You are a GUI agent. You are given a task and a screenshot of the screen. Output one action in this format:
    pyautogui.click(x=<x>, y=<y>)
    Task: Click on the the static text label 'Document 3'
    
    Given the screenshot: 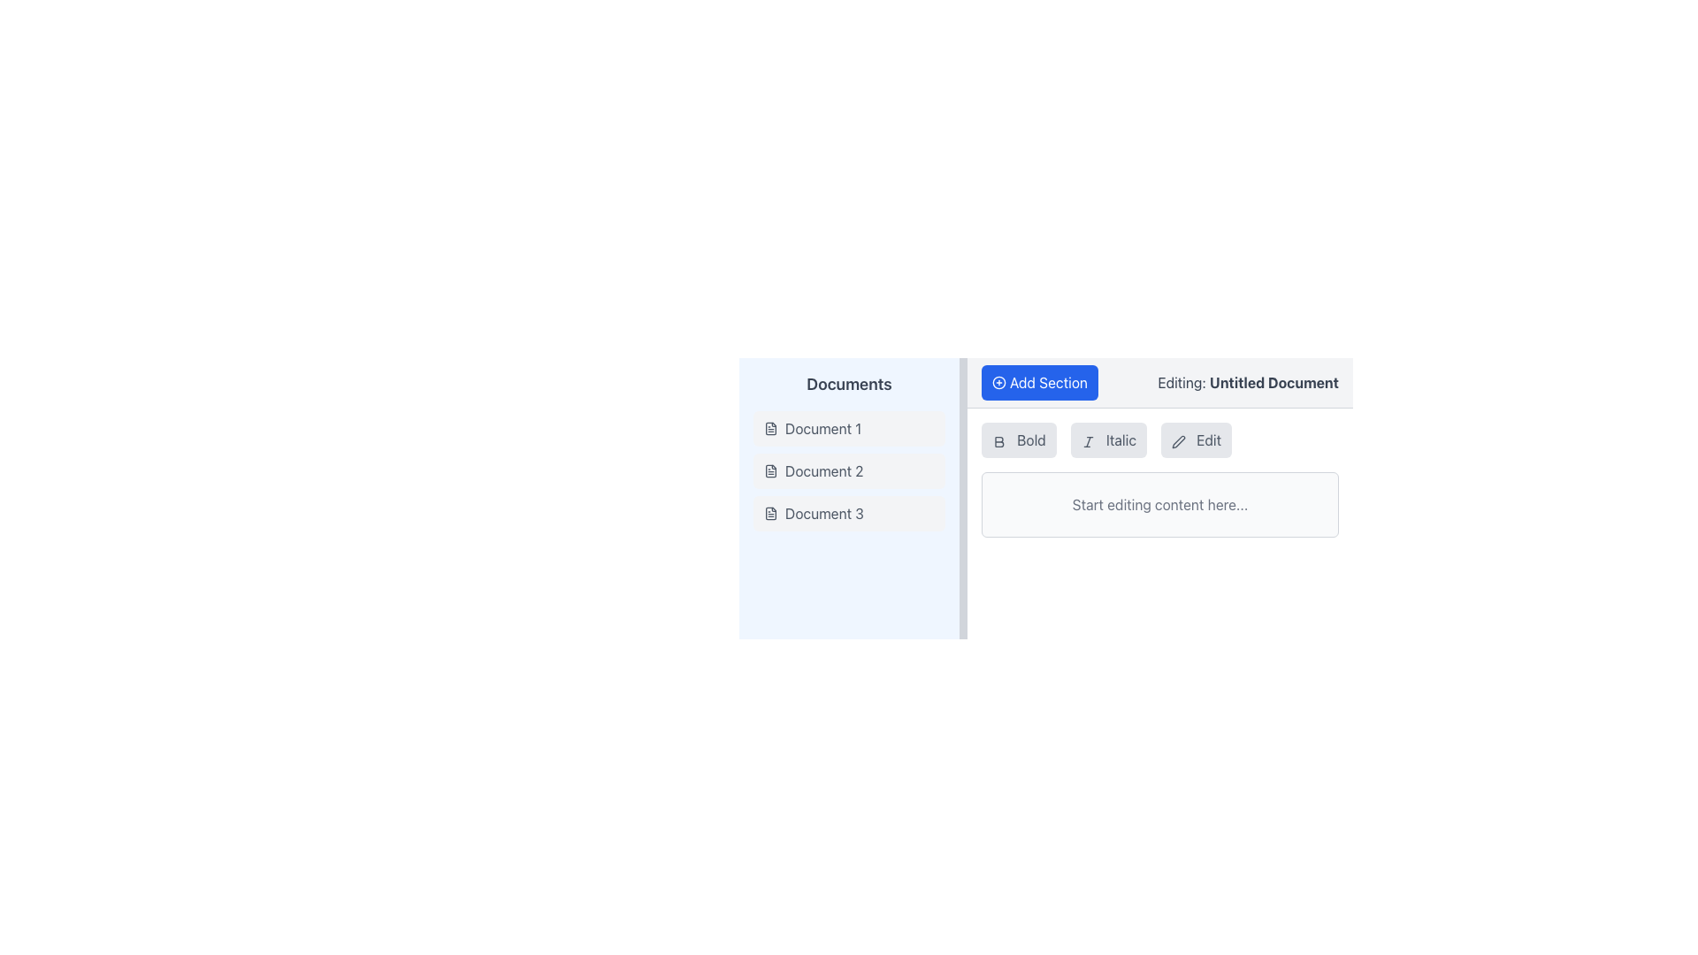 What is the action you would take?
    pyautogui.click(x=823, y=514)
    